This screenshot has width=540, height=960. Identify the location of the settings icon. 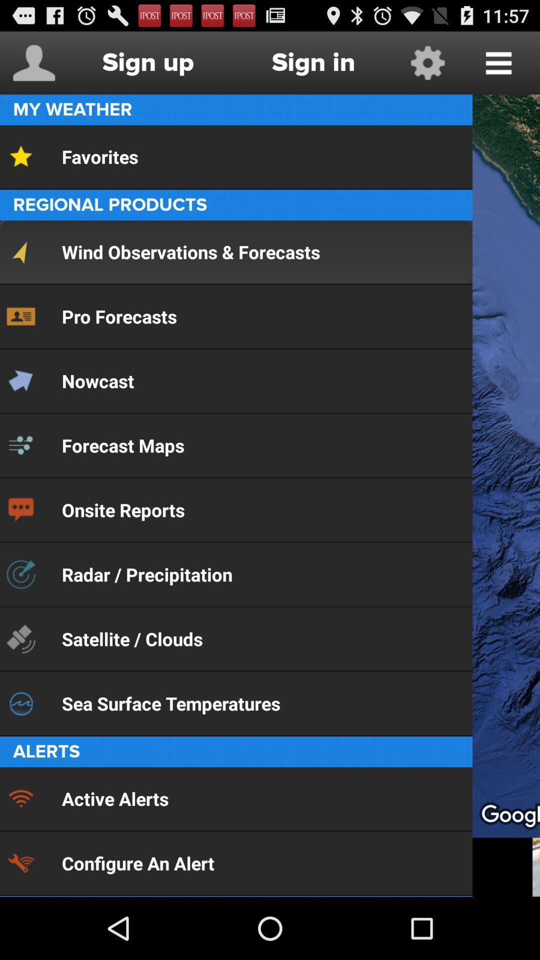
(427, 66).